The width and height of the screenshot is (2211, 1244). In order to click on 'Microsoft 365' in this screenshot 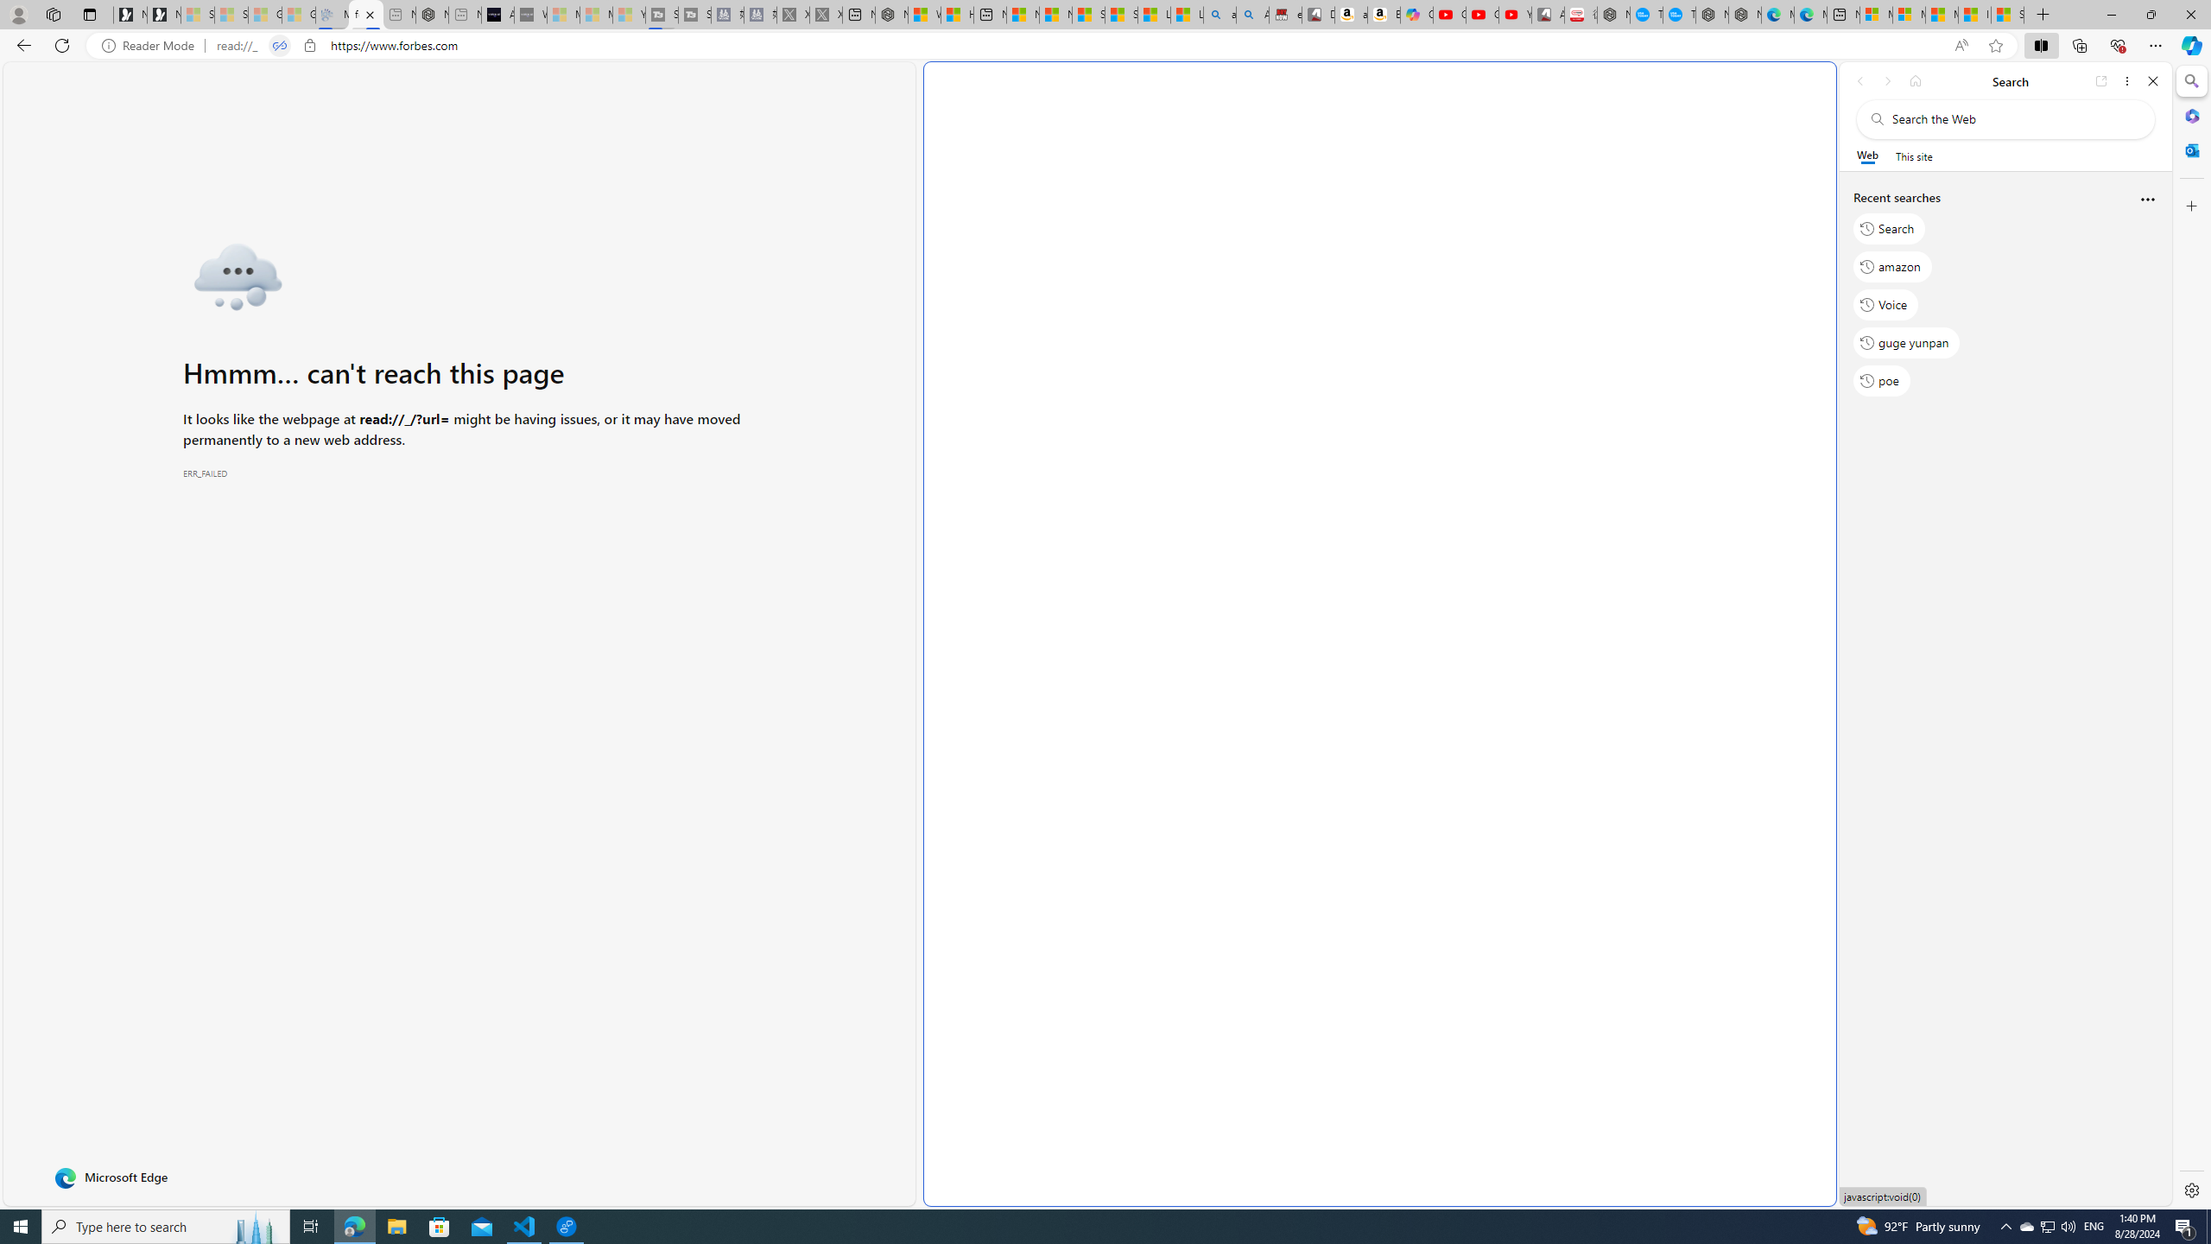, I will do `click(2189, 116)`.